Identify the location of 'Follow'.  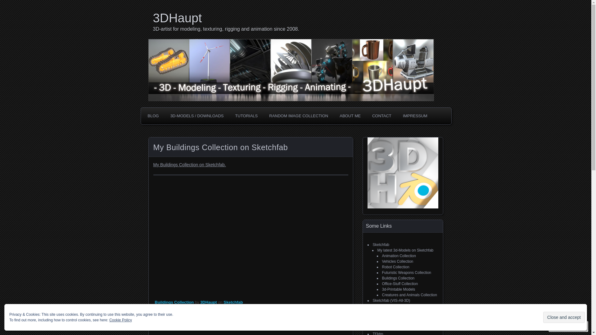
(563, 326).